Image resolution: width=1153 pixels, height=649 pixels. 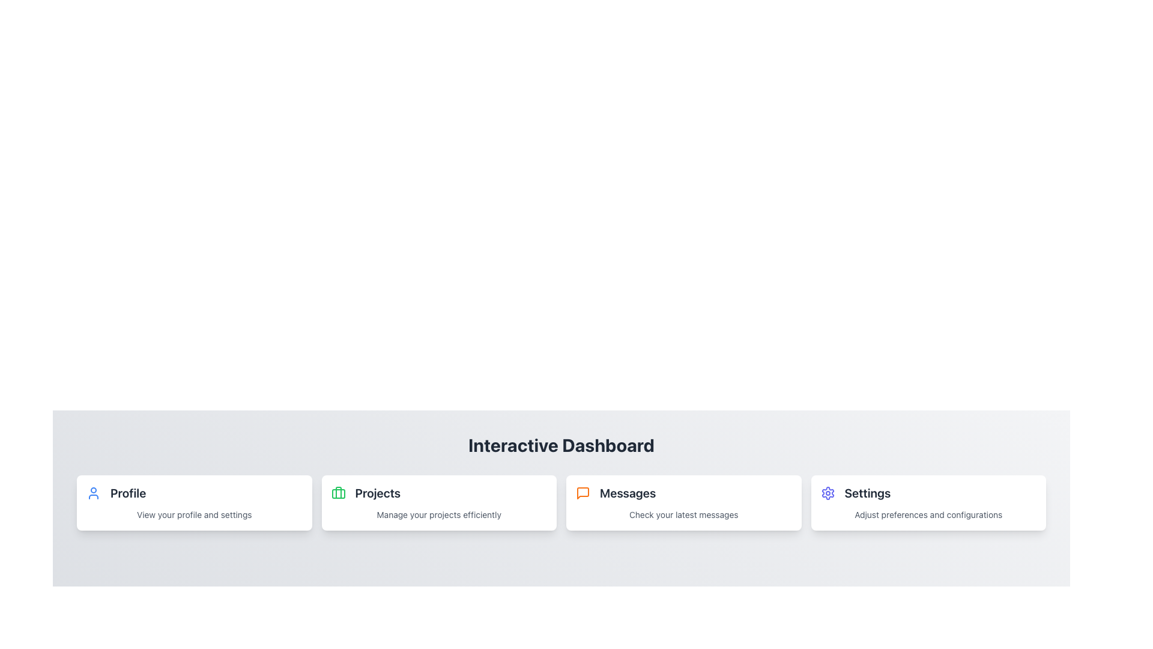 What do you see at coordinates (337, 493) in the screenshot?
I see `the green briefcase icon located to the left of the 'Projects' label in the header of the second card on the dashboard to identify its associated section` at bounding box center [337, 493].